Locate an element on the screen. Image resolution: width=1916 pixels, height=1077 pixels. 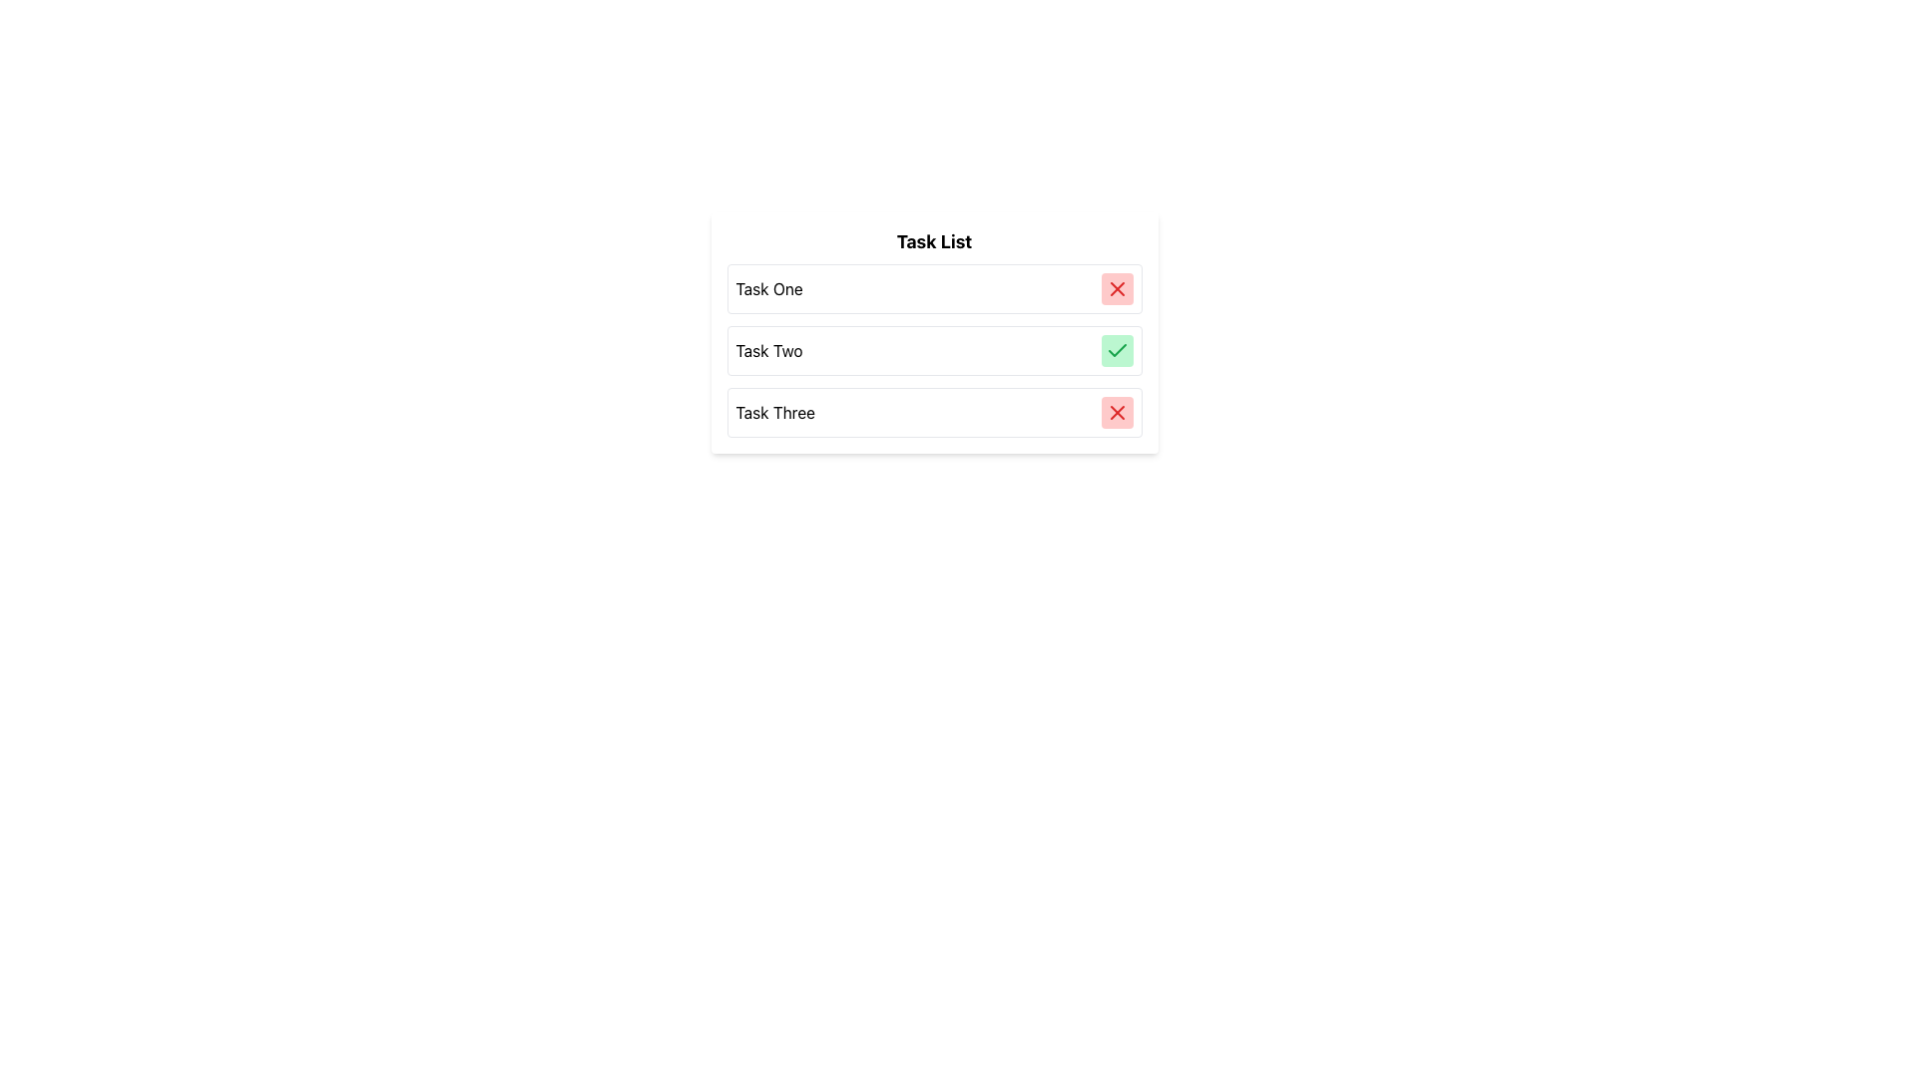
the delete button for 'Task One' using keyboard navigation is located at coordinates (1116, 288).